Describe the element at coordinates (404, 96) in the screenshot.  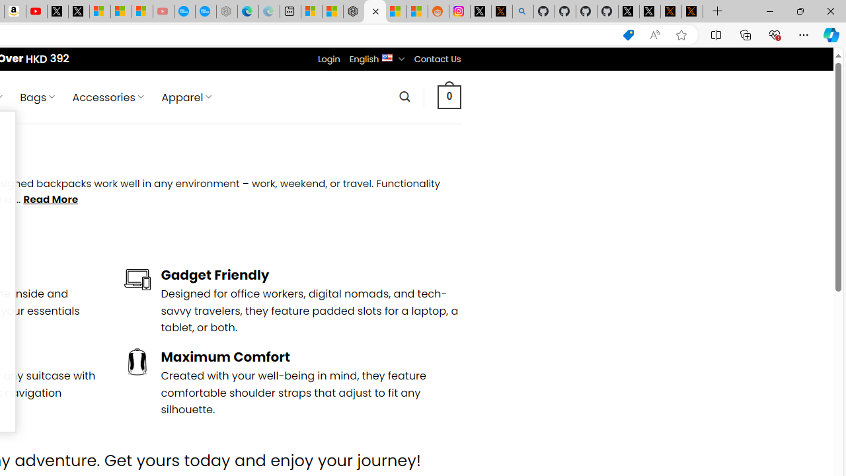
I see `'Search'` at that location.